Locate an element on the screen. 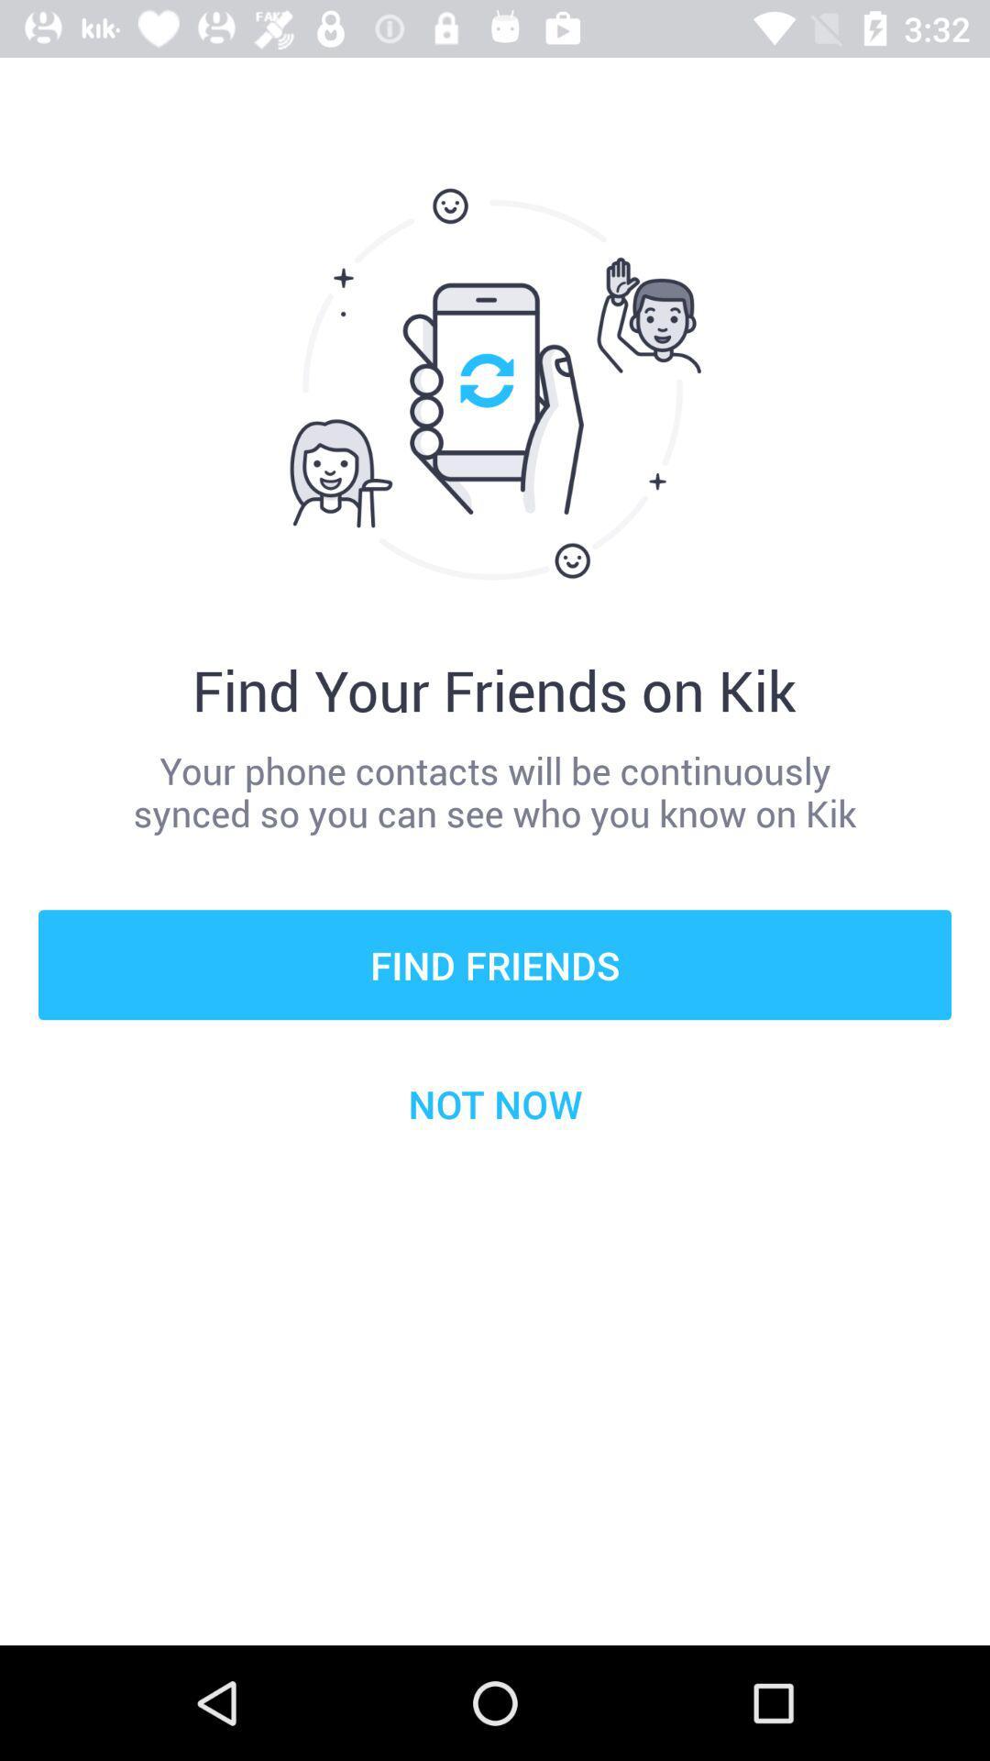  item below the find friends icon is located at coordinates (495, 1102).